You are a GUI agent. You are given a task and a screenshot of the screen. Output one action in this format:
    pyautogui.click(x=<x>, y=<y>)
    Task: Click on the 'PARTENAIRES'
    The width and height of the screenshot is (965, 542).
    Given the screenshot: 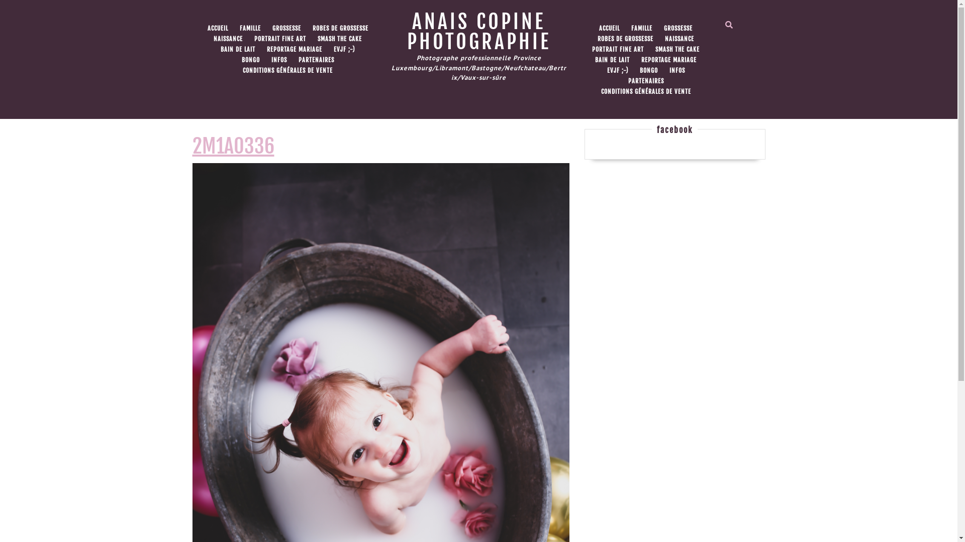 What is the action you would take?
    pyautogui.click(x=293, y=60)
    